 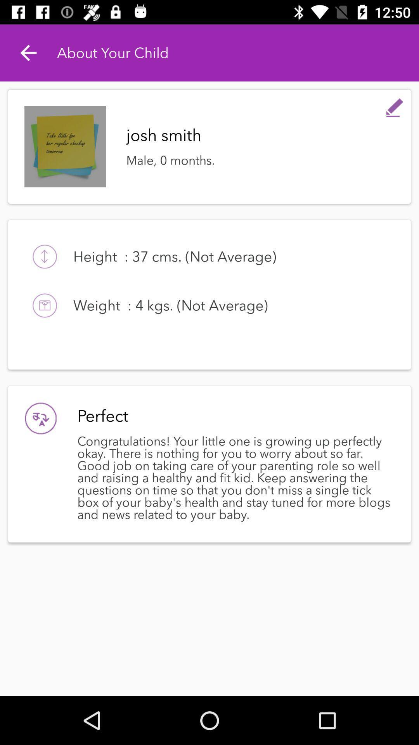 I want to click on edit about your child, so click(x=395, y=106).